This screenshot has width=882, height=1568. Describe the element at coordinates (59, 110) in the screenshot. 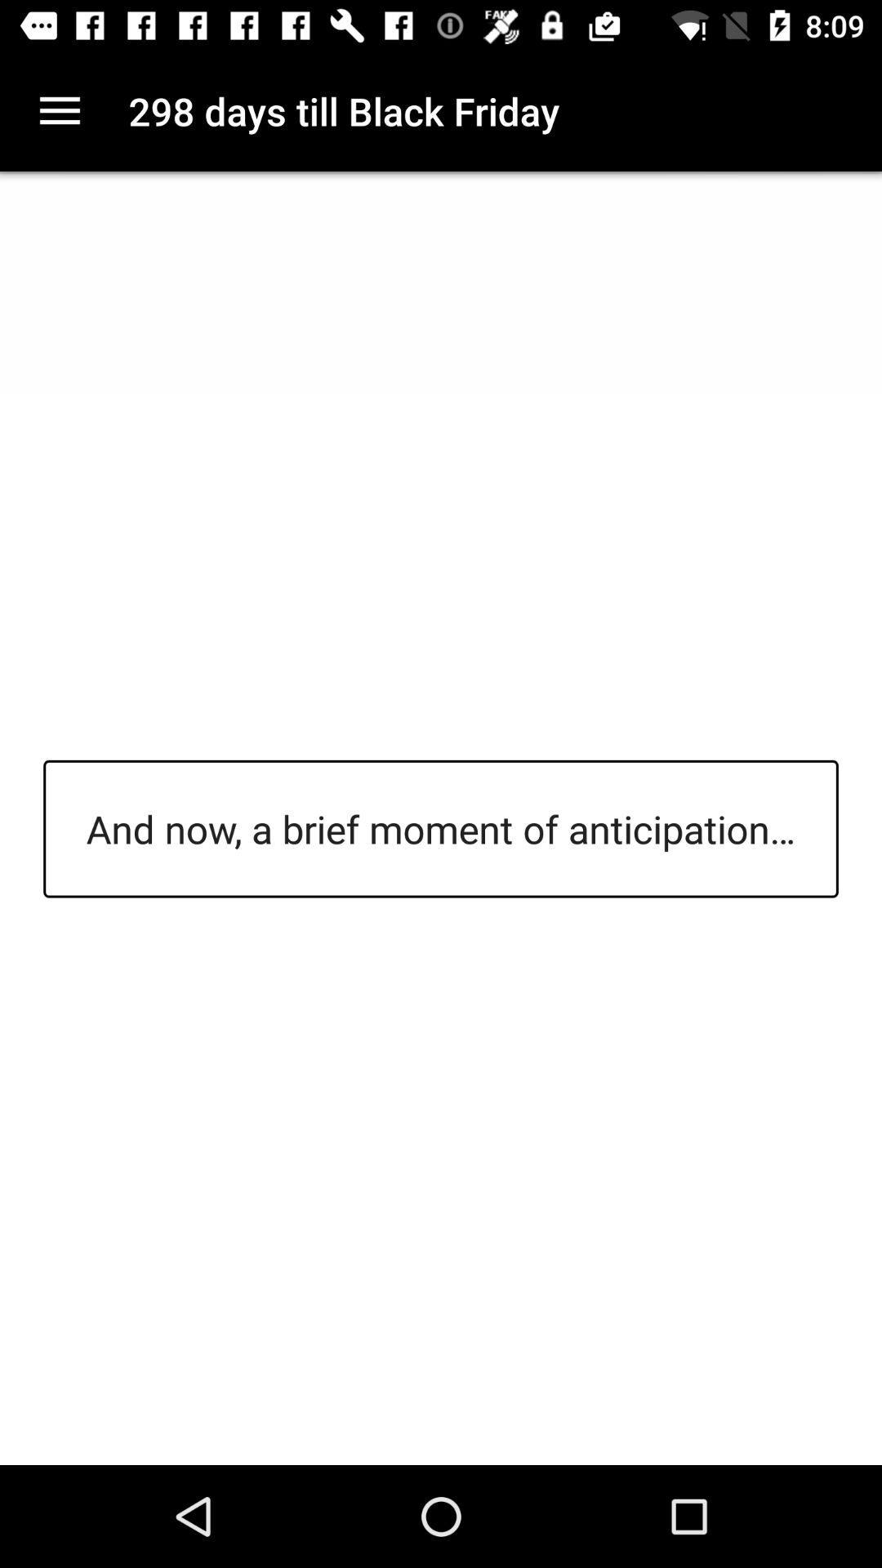

I see `icon above and now a icon` at that location.